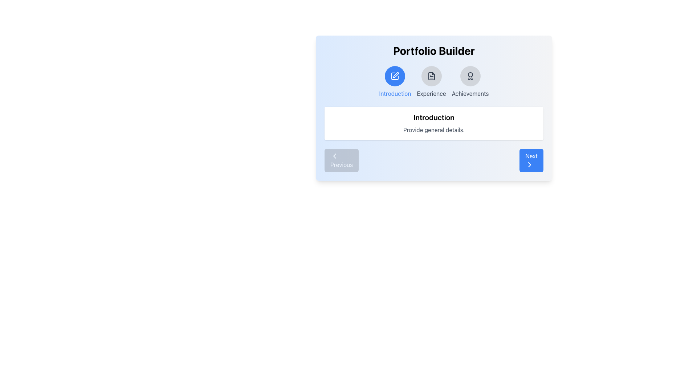  I want to click on the rightward-facing chevron icon that is styled as a thin black outline within the blue circular background, located next to the 'Next' button in the bottom-right corner of the form interface, so click(530, 165).